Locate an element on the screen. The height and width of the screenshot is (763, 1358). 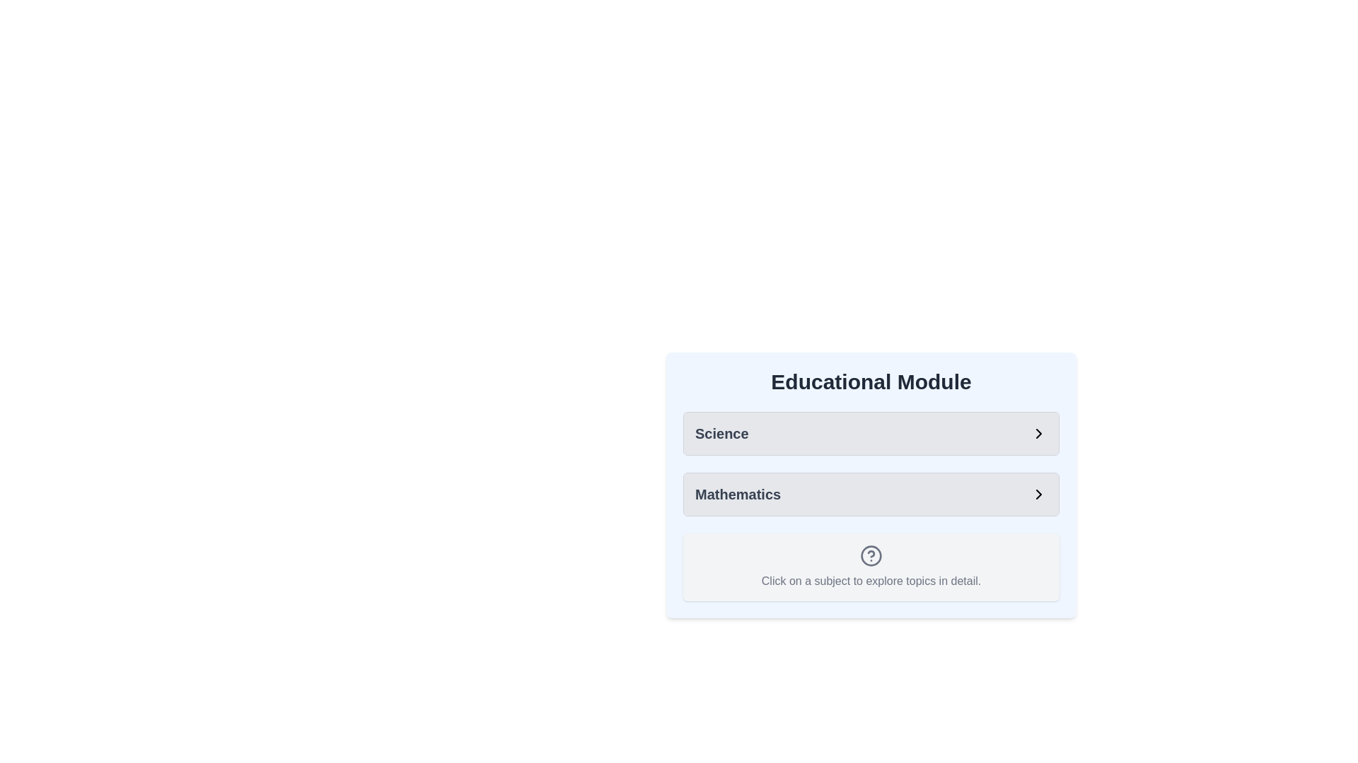
the right-pointing arrow icon in the Science section is located at coordinates (1038, 432).